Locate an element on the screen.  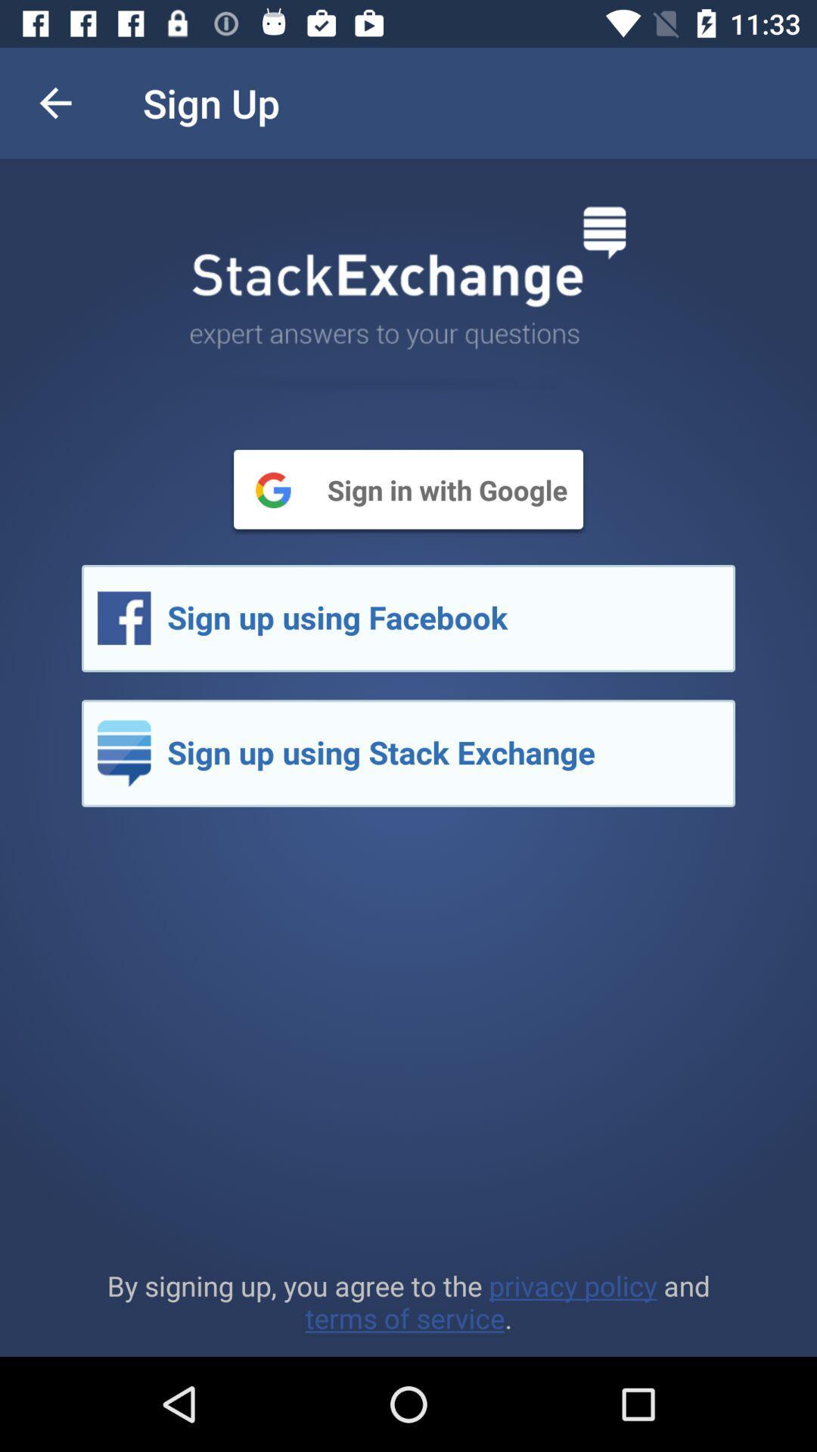
sign up with facebook is located at coordinates (408, 618).